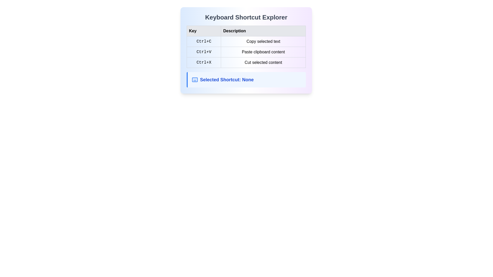 The height and width of the screenshot is (277, 493). Describe the element at coordinates (246, 52) in the screenshot. I see `the table row labeled 'Keyboard Shortcut Explorer' that contains the shortcut 'Ctrl+V' and the description 'Paste clipboard content'` at that location.